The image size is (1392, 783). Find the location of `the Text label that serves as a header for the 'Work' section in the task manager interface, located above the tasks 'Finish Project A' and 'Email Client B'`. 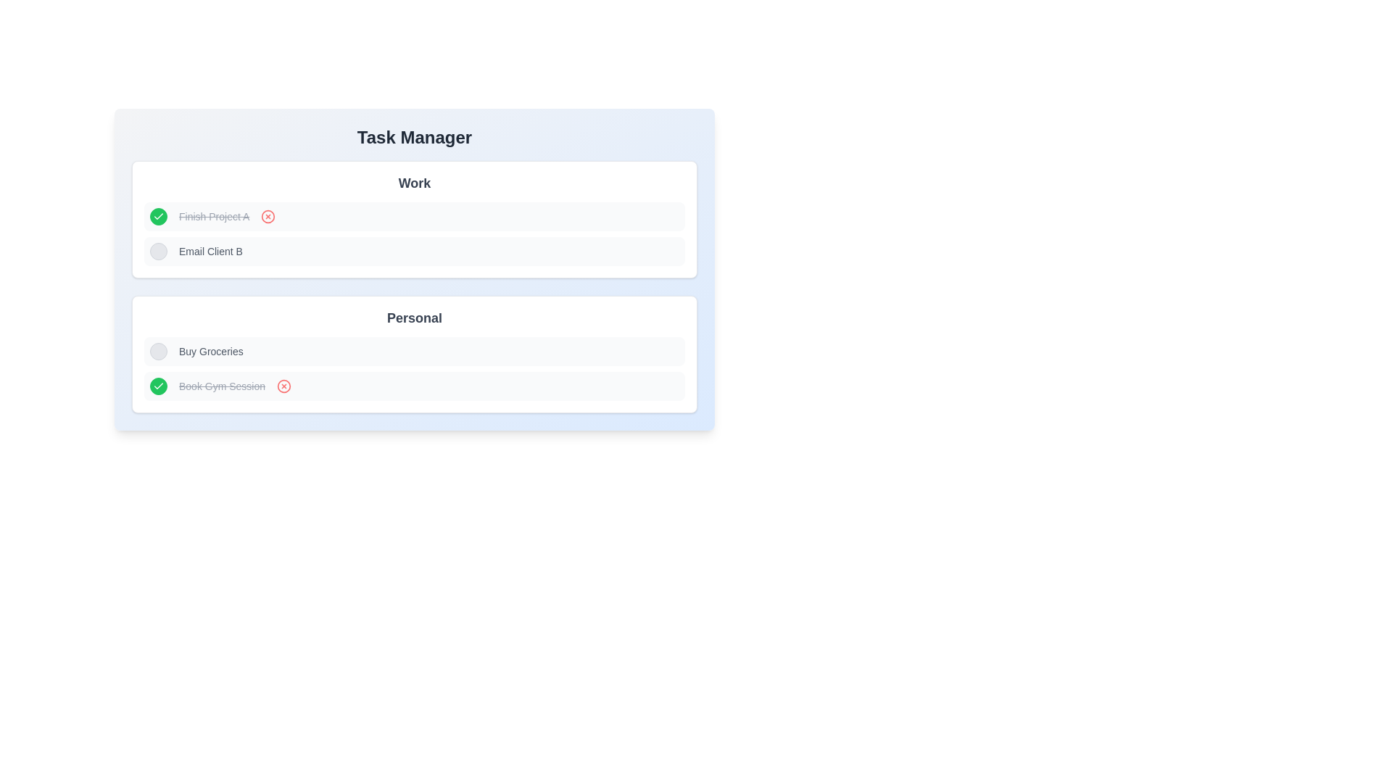

the Text label that serves as a header for the 'Work' section in the task manager interface, located above the tasks 'Finish Project A' and 'Email Client B' is located at coordinates (413, 183).